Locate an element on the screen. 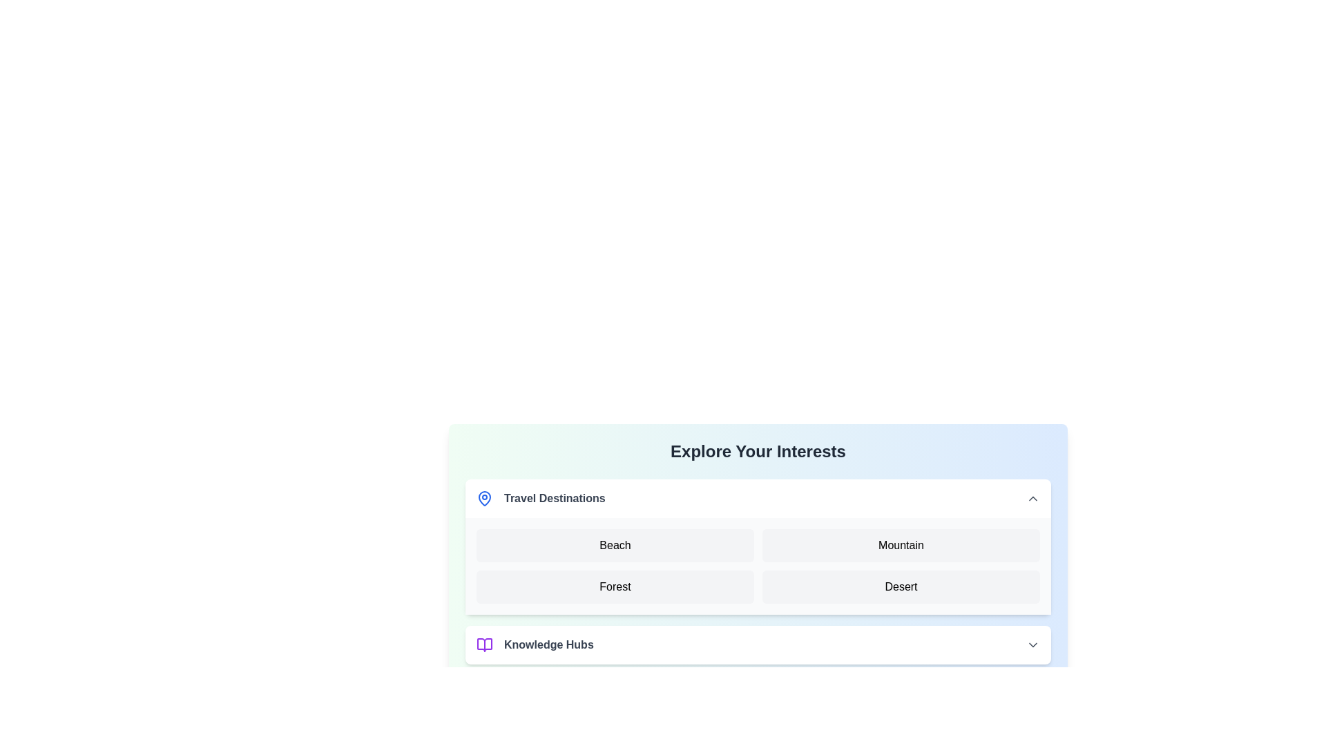 Image resolution: width=1326 pixels, height=746 pixels. text on the 'Desert' category tile located in the second row and second column of the grid interface is located at coordinates (901, 586).